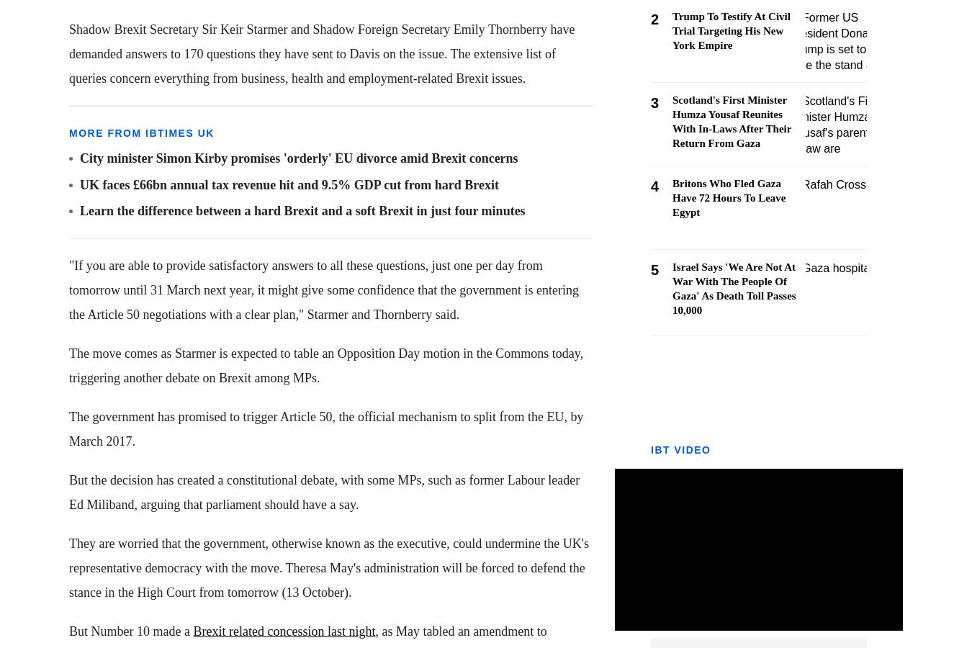 The image size is (972, 648). I want to click on '- eSports', so click(37, 266).